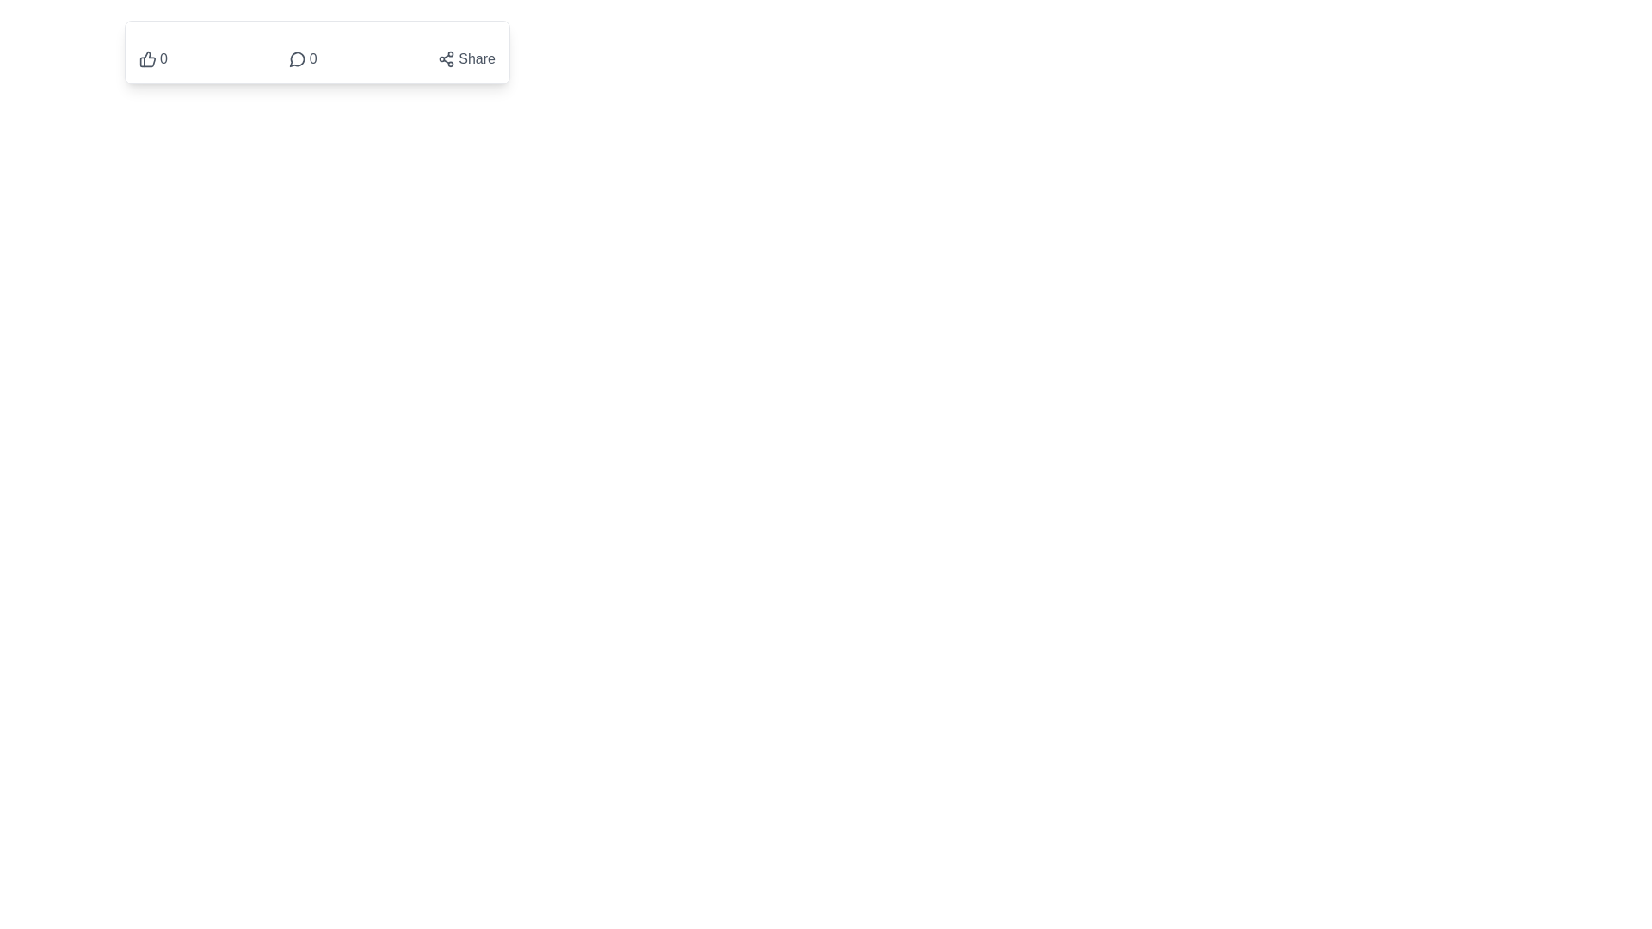 This screenshot has width=1652, height=929. I want to click on the comment/message SVG icon located to the right of the thumbs-up icon and to the left of the 'Share' label, so click(297, 58).